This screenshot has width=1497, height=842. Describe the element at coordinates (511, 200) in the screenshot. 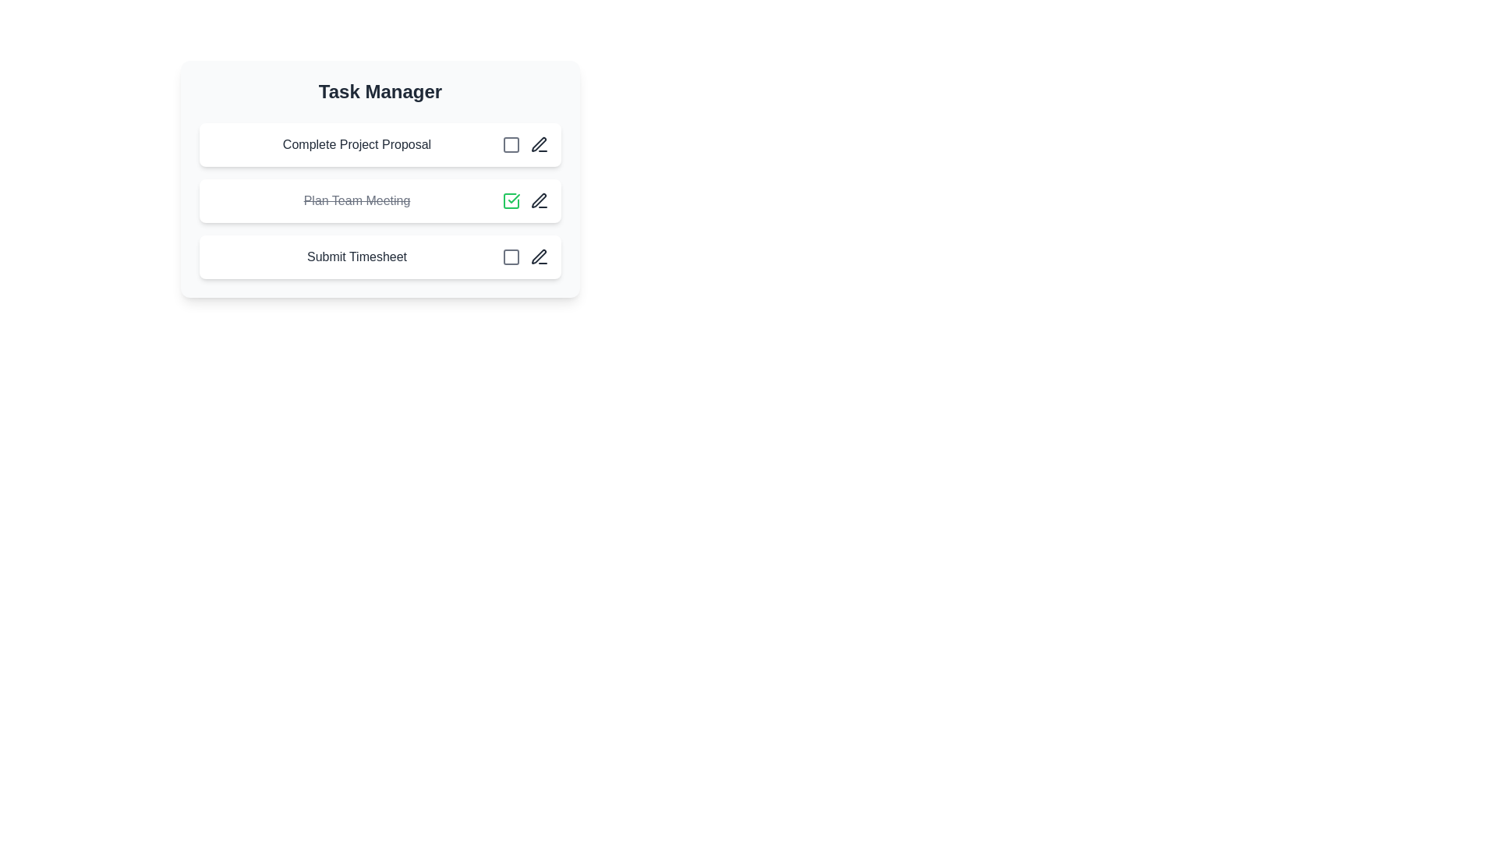

I see `the green checkmark symbol inside the square representing task completion for 'Plan Team Meeting'` at that location.